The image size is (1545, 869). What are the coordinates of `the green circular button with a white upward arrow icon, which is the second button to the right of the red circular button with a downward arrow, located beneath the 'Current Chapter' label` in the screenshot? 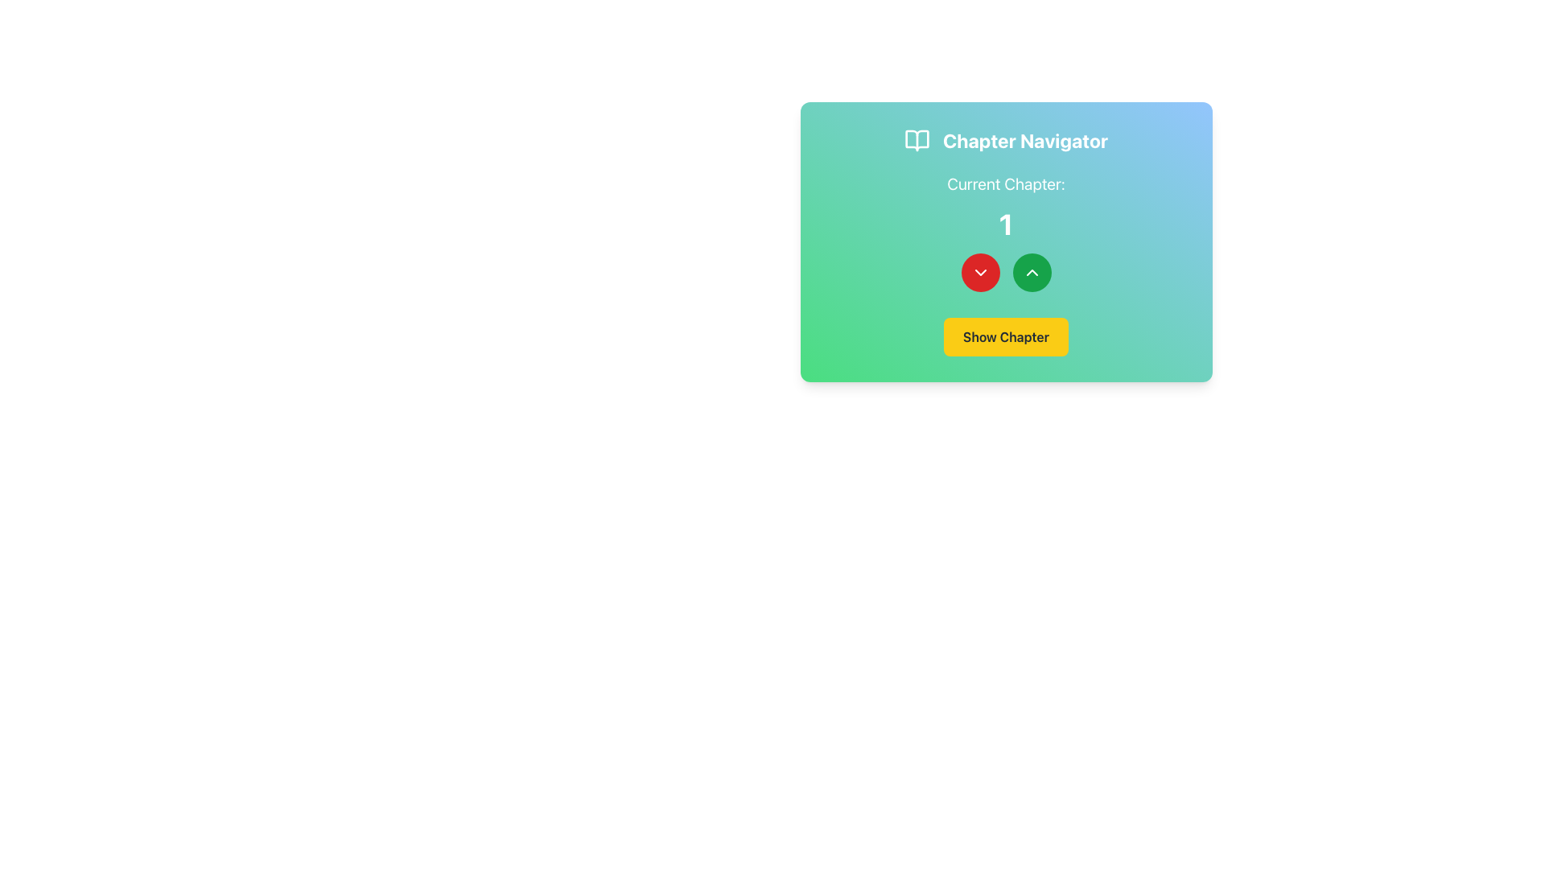 It's located at (1032, 272).